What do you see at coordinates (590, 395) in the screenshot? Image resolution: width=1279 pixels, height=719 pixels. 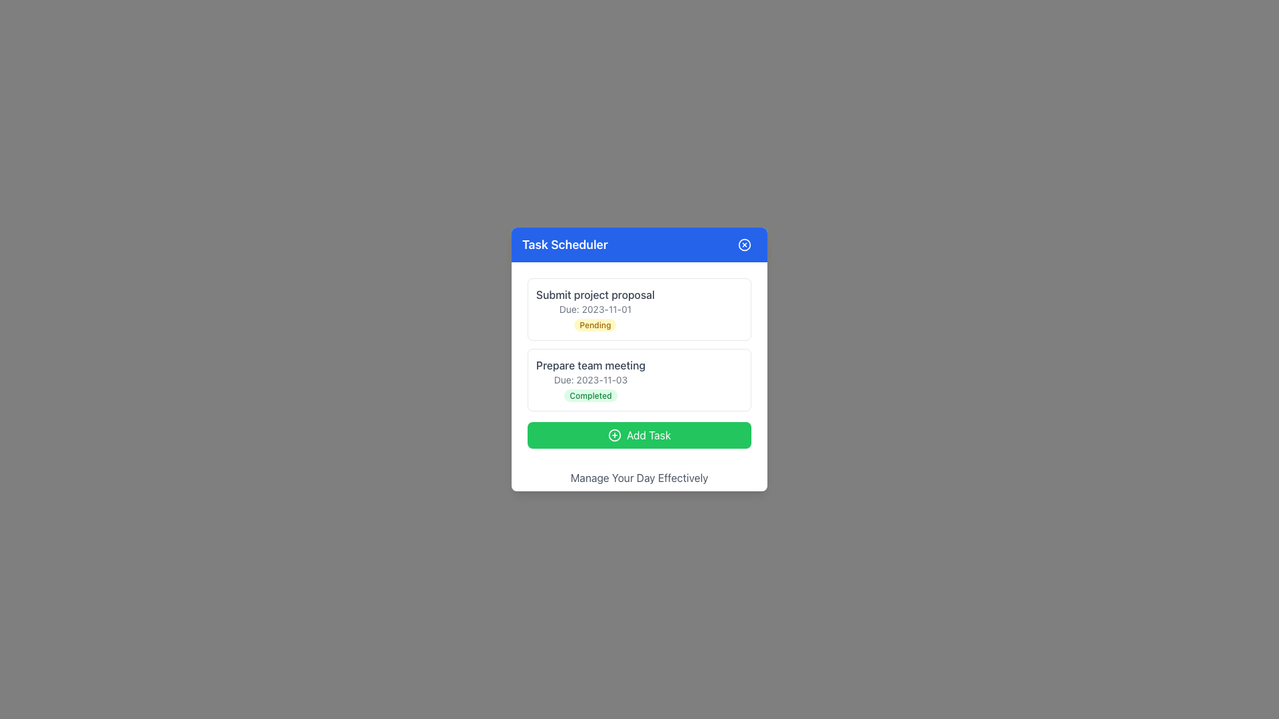 I see `the completed task status badge located below the title and due date fields of the 'Prepare team meeting' task in the task list` at bounding box center [590, 395].